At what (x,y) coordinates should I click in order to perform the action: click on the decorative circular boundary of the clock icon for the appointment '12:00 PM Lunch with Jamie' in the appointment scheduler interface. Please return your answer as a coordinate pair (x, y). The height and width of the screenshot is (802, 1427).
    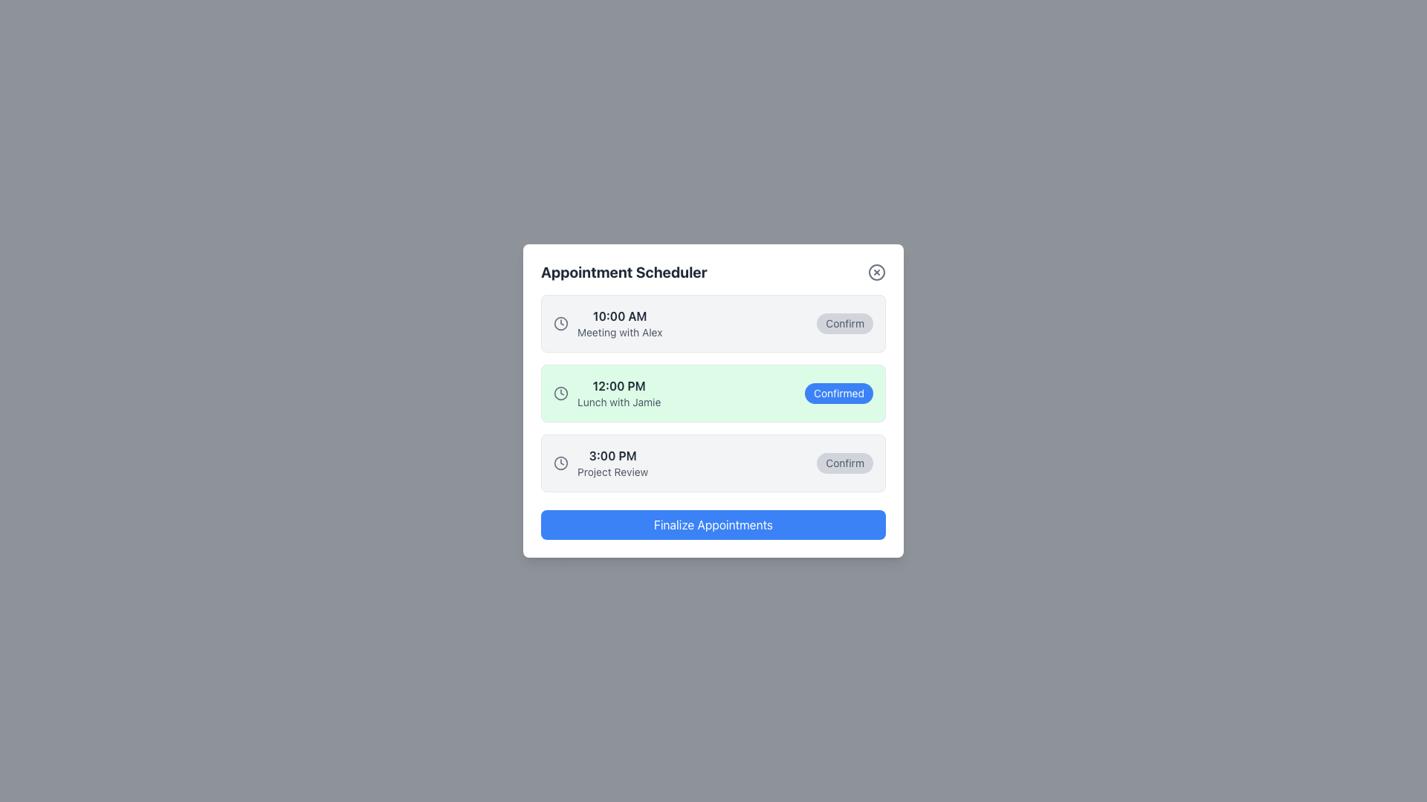
    Looking at the image, I should click on (560, 392).